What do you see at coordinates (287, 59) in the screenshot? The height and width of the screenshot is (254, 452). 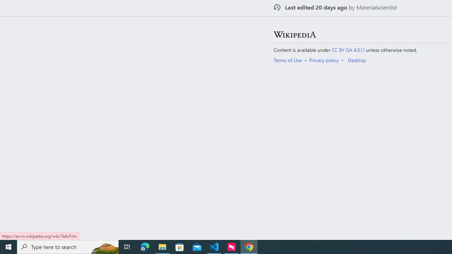 I see `'Terms of Use'` at bounding box center [287, 59].